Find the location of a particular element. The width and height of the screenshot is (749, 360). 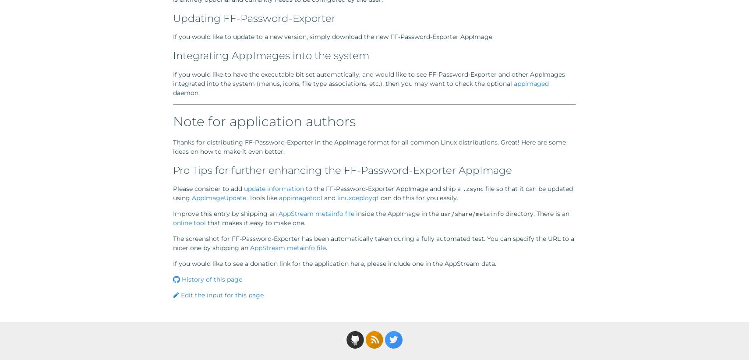

'Integrating AppImages into the system' is located at coordinates (173, 55).